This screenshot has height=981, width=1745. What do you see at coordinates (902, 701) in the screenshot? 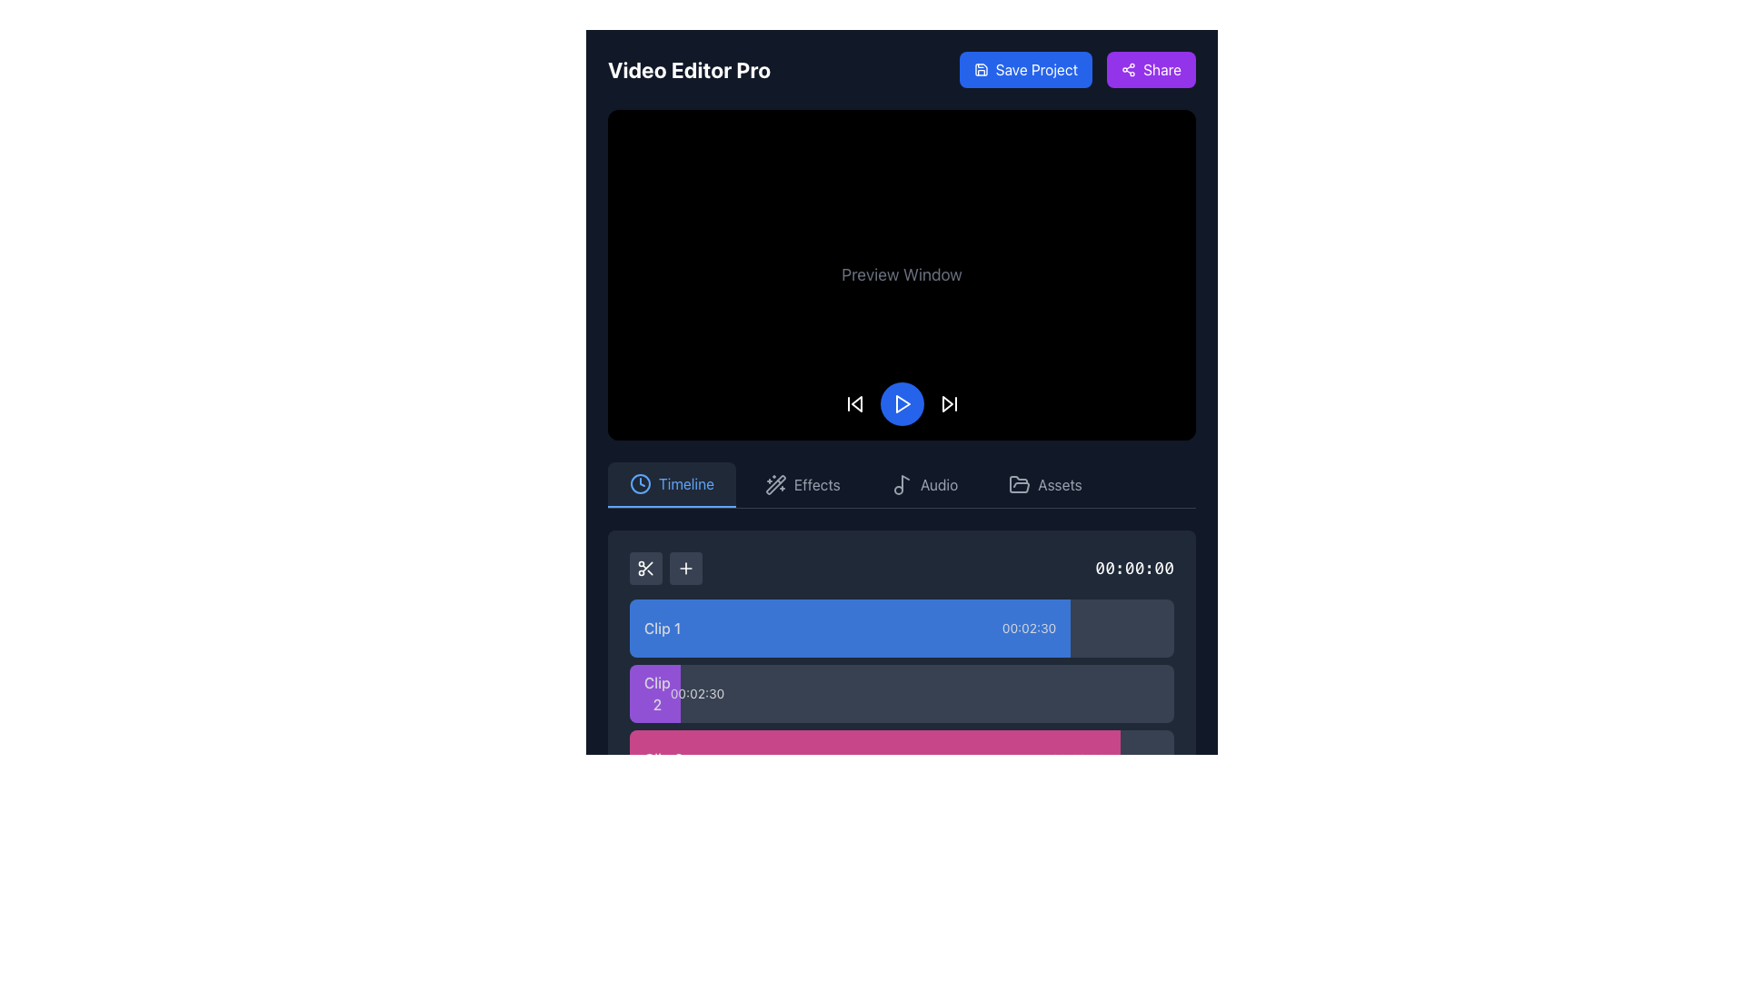
I see `the second timeline clip item, which is located below 'Clip 1' and above 'Clip 3'` at bounding box center [902, 701].